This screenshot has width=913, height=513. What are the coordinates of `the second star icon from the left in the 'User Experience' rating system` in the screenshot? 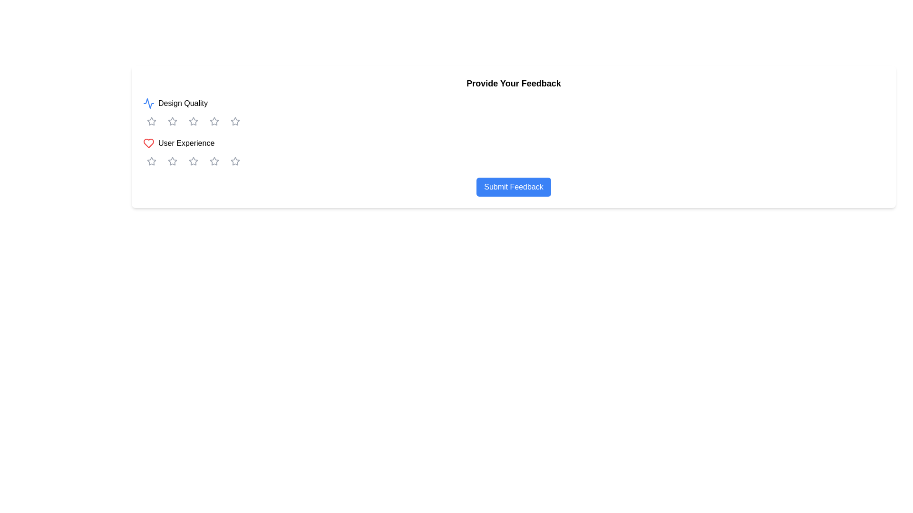 It's located at (173, 161).